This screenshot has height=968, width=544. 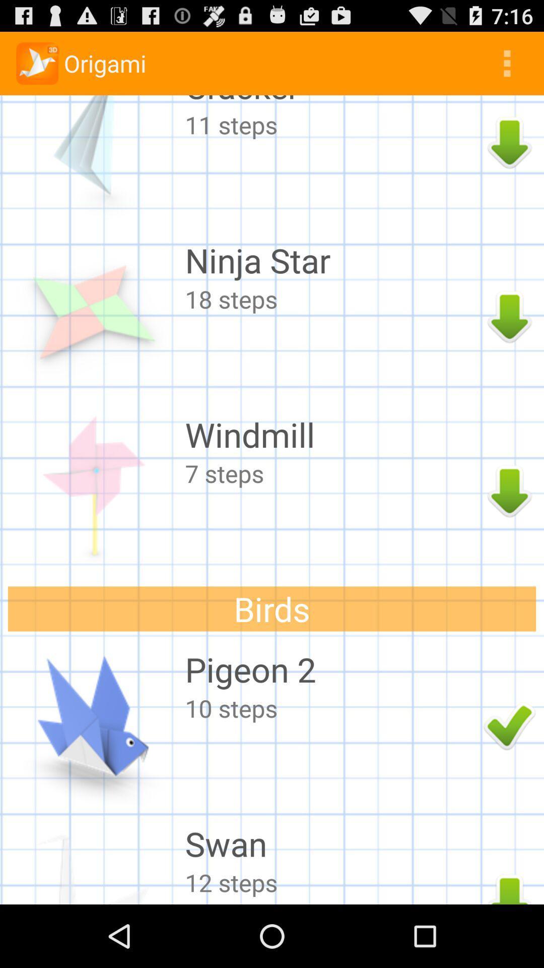 I want to click on 12 steps app, so click(x=331, y=882).